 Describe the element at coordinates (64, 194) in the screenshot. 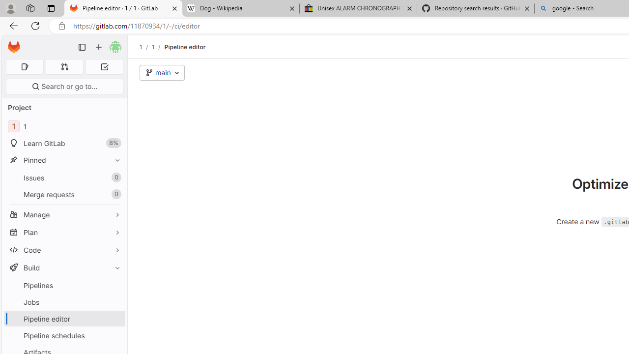

I see `'Merge requests0'` at that location.